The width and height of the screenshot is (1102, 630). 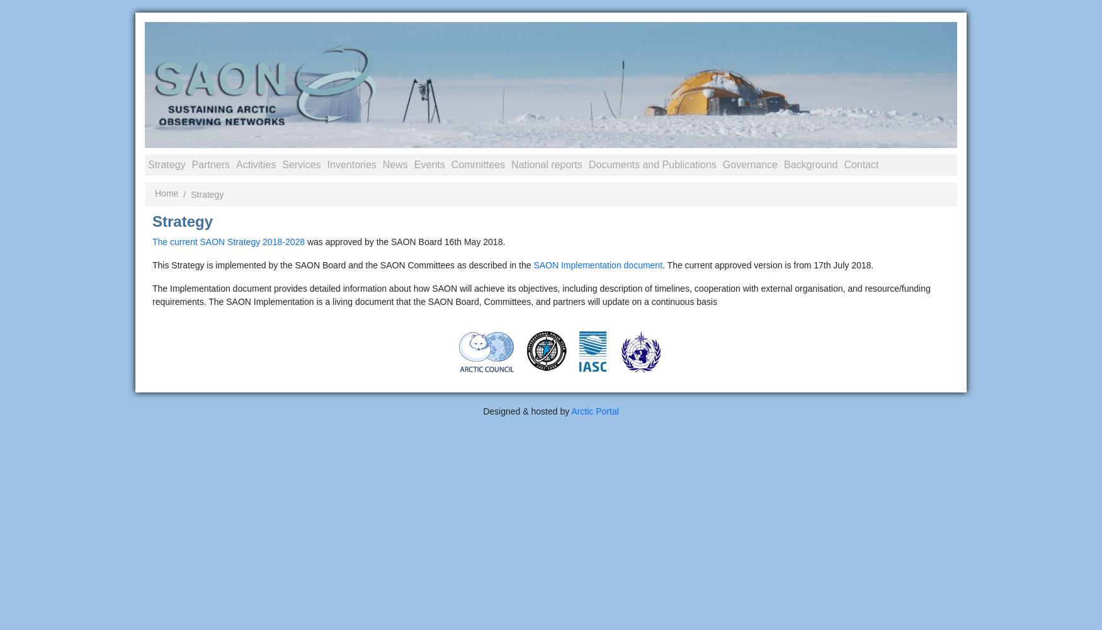 I want to click on 'Activities', so click(x=255, y=164).